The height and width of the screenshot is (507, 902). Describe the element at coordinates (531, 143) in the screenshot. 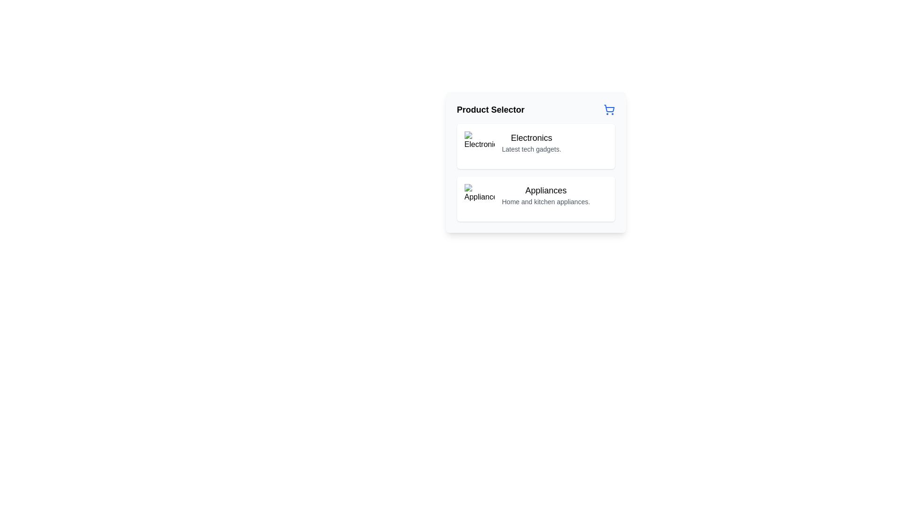

I see `the 'Electronics' text block, which features a bold title and a smaller subtitle` at that location.